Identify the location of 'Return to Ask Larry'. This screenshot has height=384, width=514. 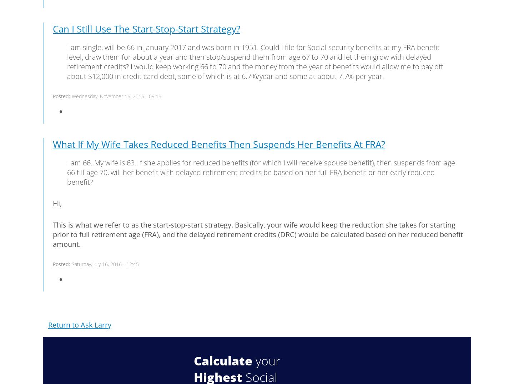
(80, 324).